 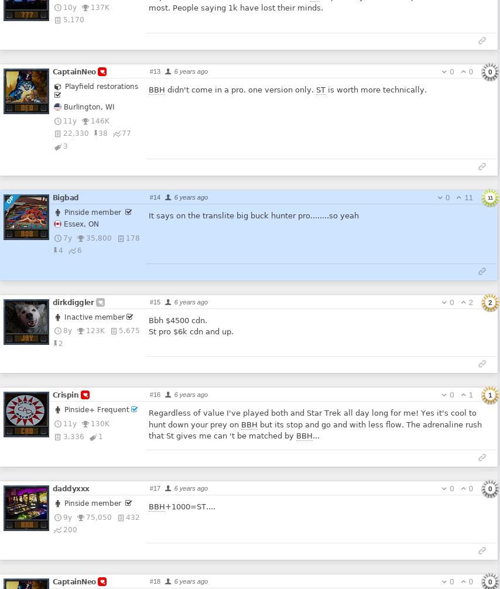 What do you see at coordinates (63, 529) in the screenshot?
I see `'200'` at bounding box center [63, 529].